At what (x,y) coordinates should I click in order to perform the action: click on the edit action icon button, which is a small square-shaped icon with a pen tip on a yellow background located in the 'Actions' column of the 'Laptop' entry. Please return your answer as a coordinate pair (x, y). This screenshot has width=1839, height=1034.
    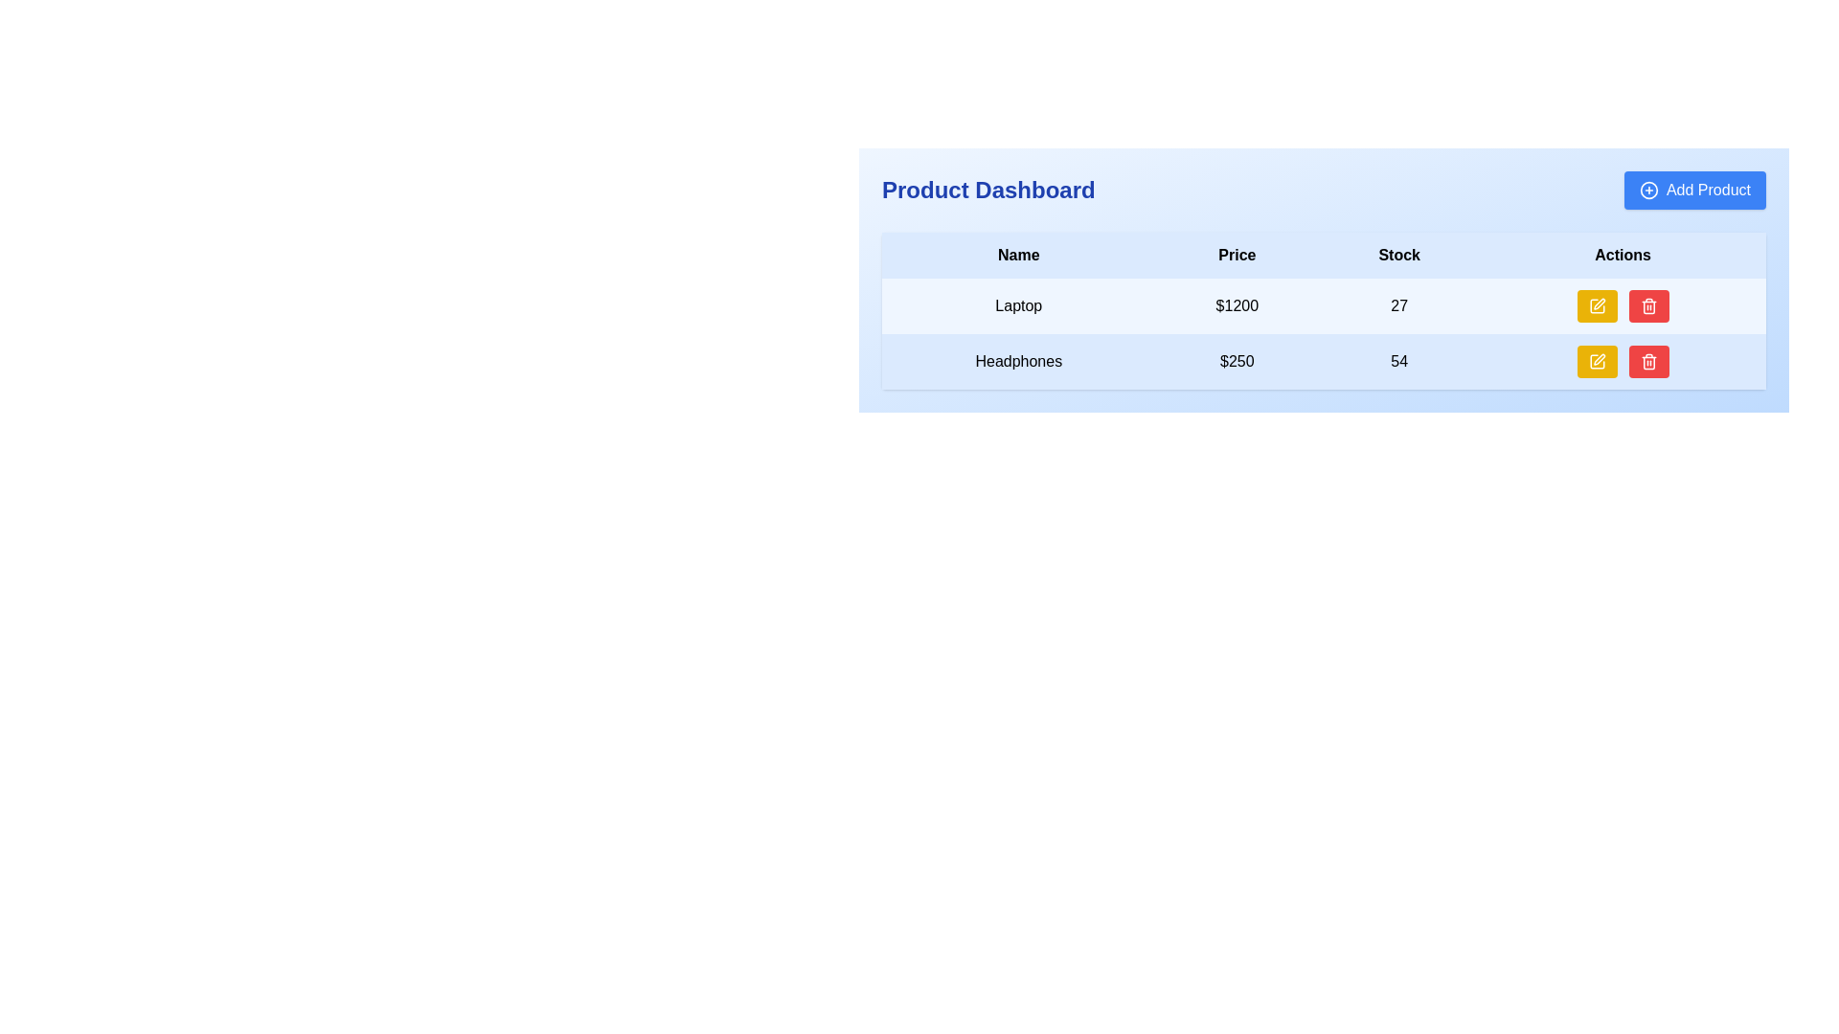
    Looking at the image, I should click on (1597, 305).